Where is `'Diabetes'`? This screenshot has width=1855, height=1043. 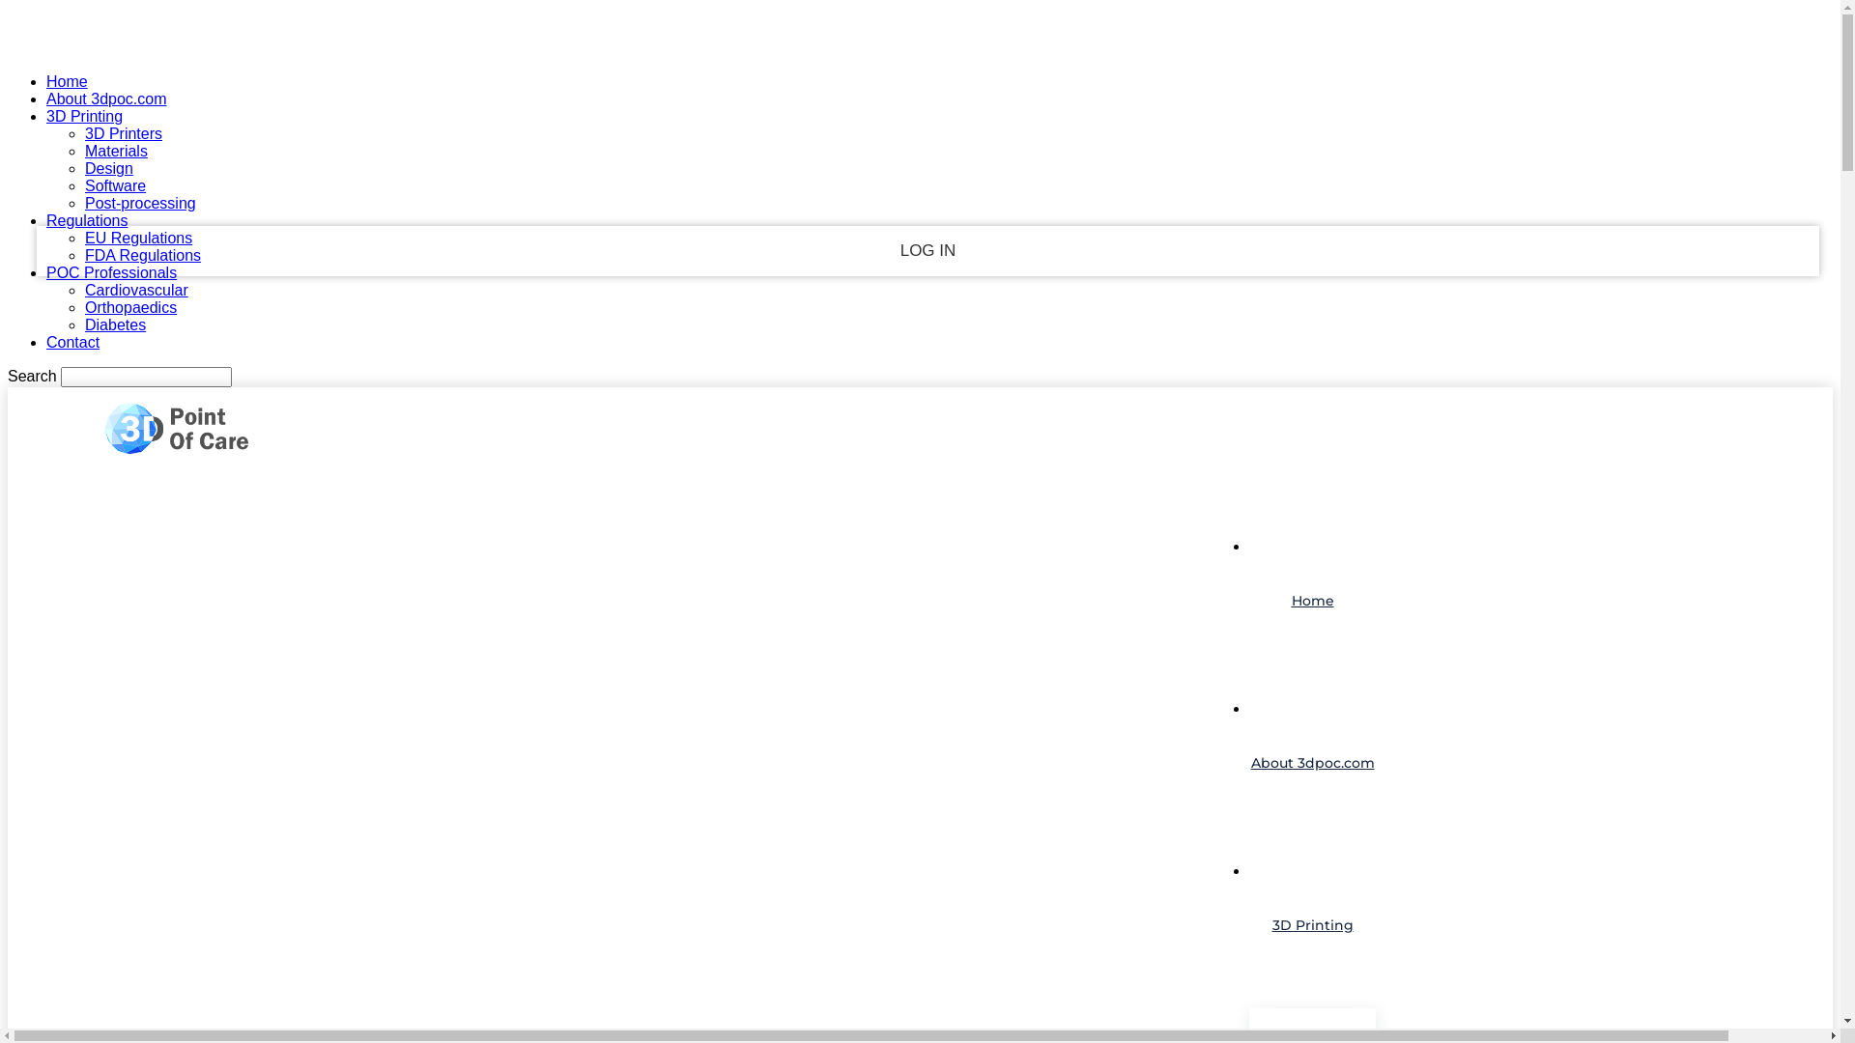
'Diabetes' is located at coordinates (114, 324).